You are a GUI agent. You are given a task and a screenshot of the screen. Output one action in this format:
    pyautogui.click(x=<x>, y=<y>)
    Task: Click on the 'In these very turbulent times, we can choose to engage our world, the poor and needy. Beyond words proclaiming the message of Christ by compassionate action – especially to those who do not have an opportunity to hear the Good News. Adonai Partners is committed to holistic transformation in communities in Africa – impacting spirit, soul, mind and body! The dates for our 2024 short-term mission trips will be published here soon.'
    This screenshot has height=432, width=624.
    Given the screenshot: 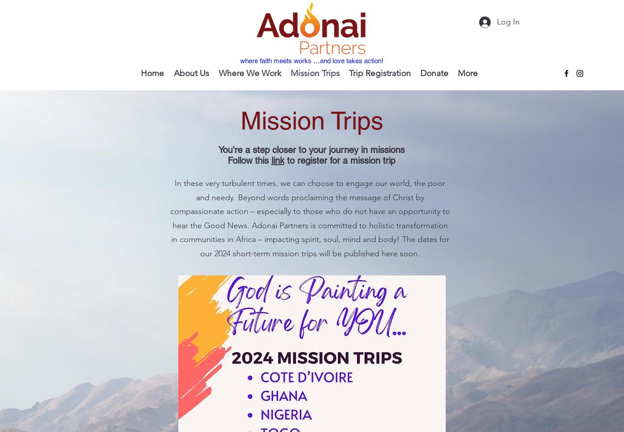 What is the action you would take?
    pyautogui.click(x=309, y=218)
    